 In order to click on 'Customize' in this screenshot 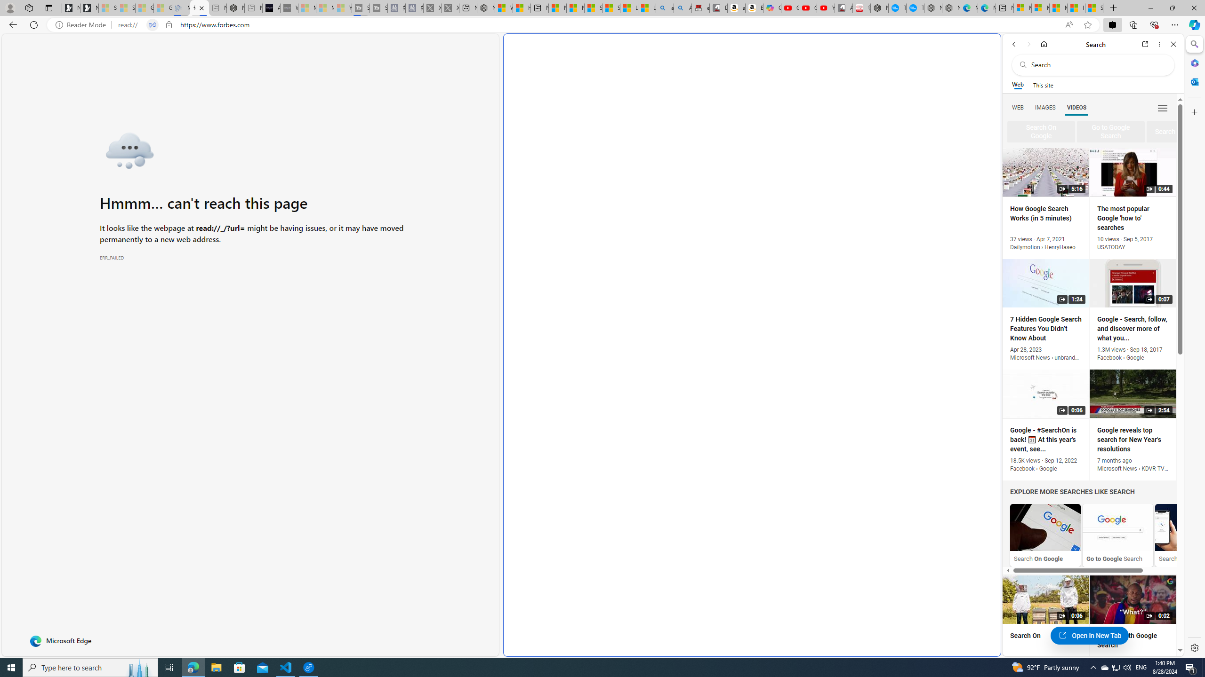, I will do `click(1193, 111)`.